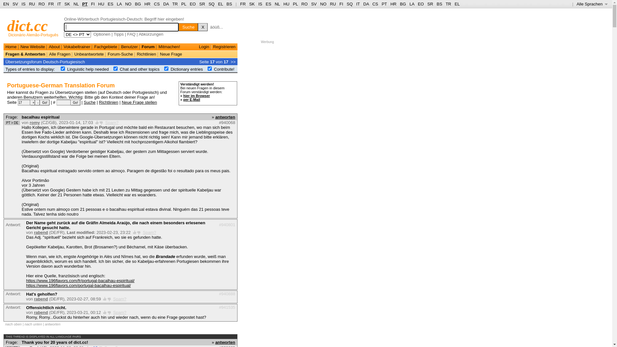 The width and height of the screenshot is (617, 347). What do you see at coordinates (138, 4) in the screenshot?
I see `'BG'` at bounding box center [138, 4].